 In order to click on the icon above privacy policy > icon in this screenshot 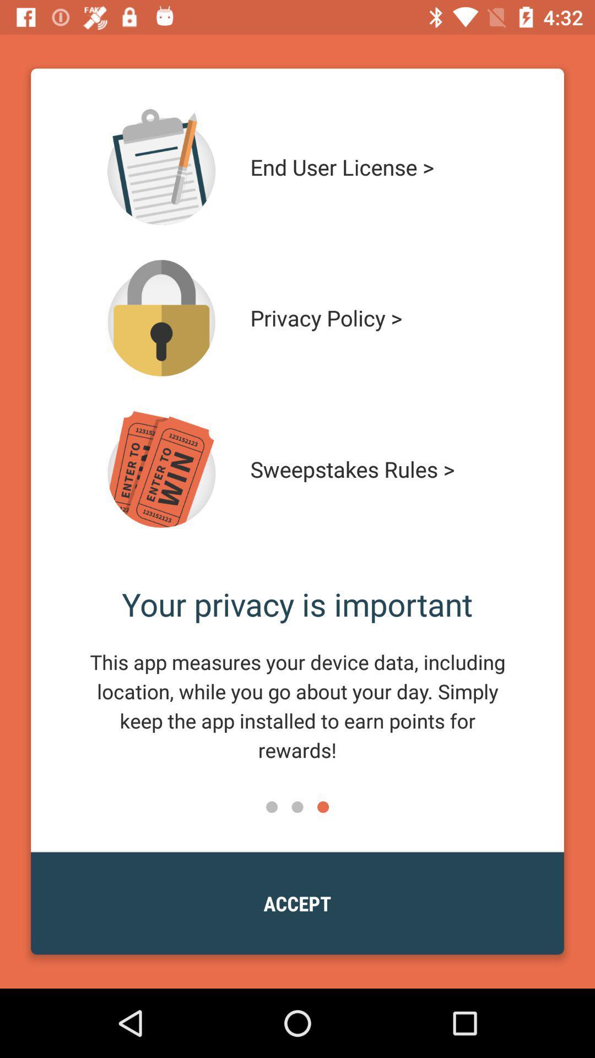, I will do `click(373, 166)`.